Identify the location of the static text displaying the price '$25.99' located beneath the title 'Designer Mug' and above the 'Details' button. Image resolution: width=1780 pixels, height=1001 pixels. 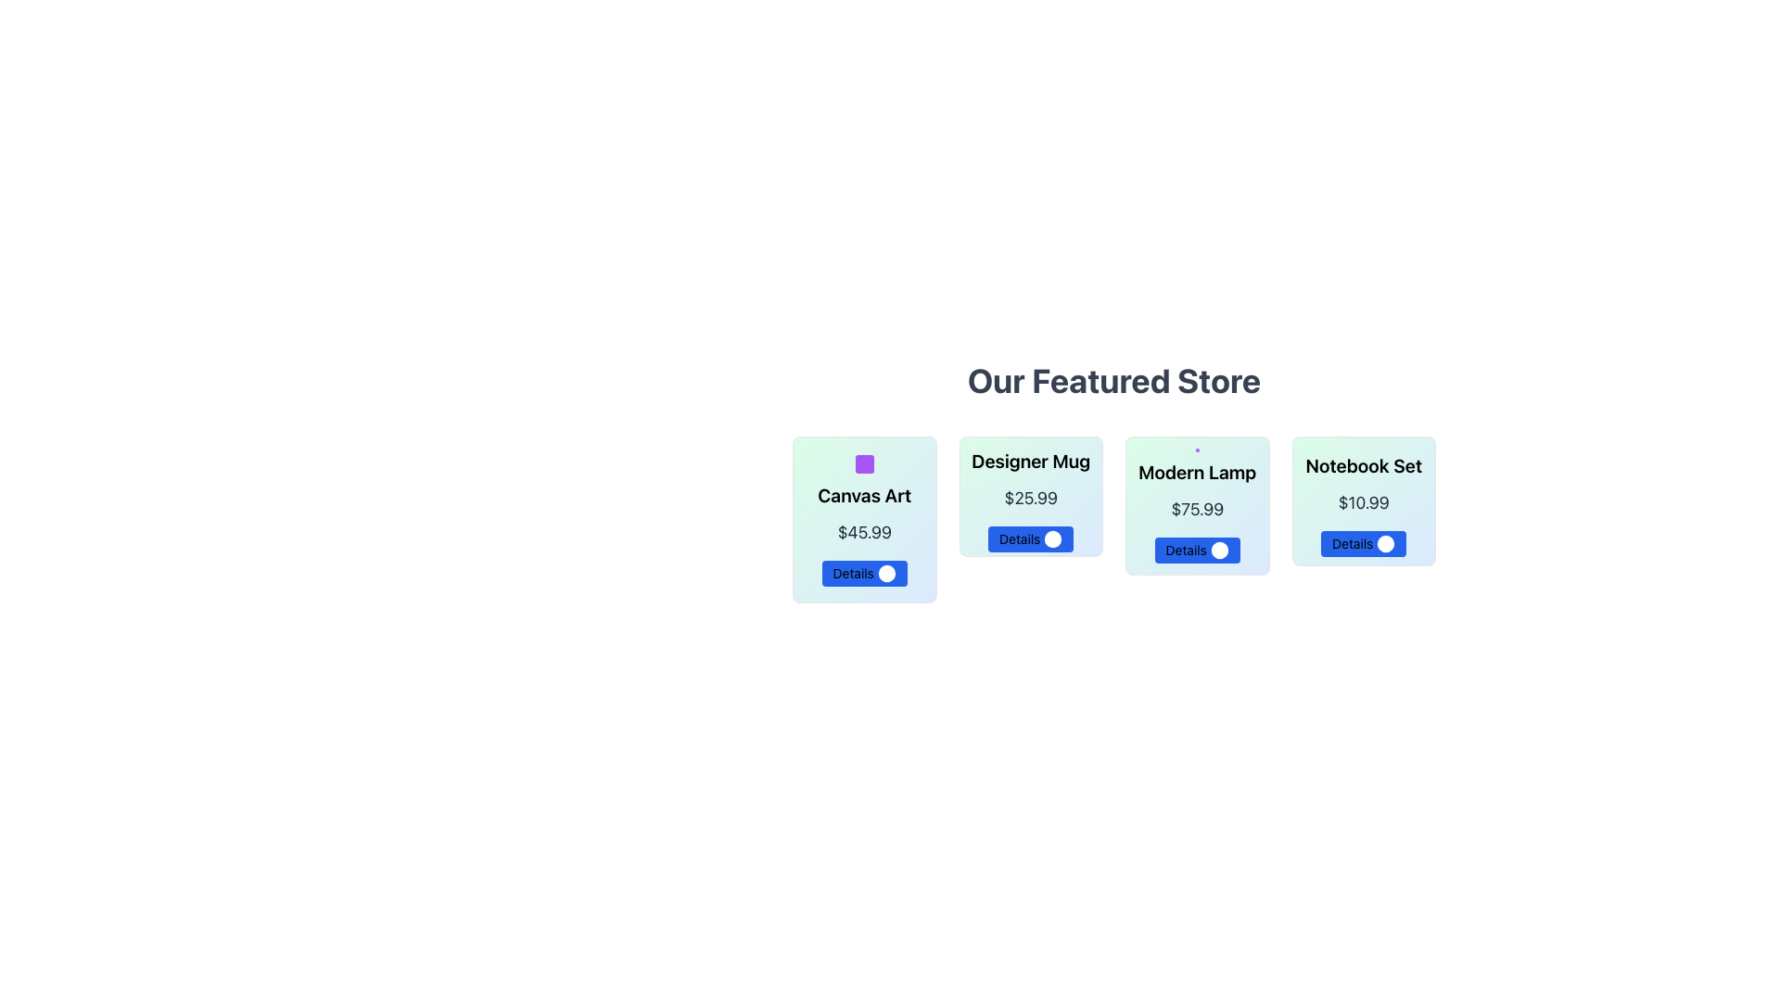
(1030, 497).